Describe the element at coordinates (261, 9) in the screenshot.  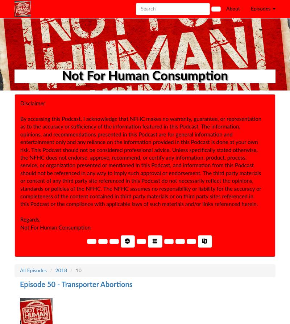
I see `'Episodes'` at that location.